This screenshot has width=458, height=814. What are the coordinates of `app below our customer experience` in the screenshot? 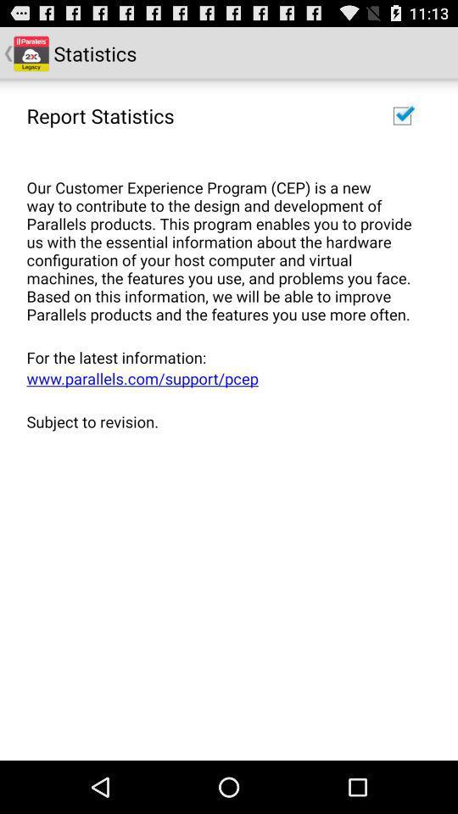 It's located at (223, 357).